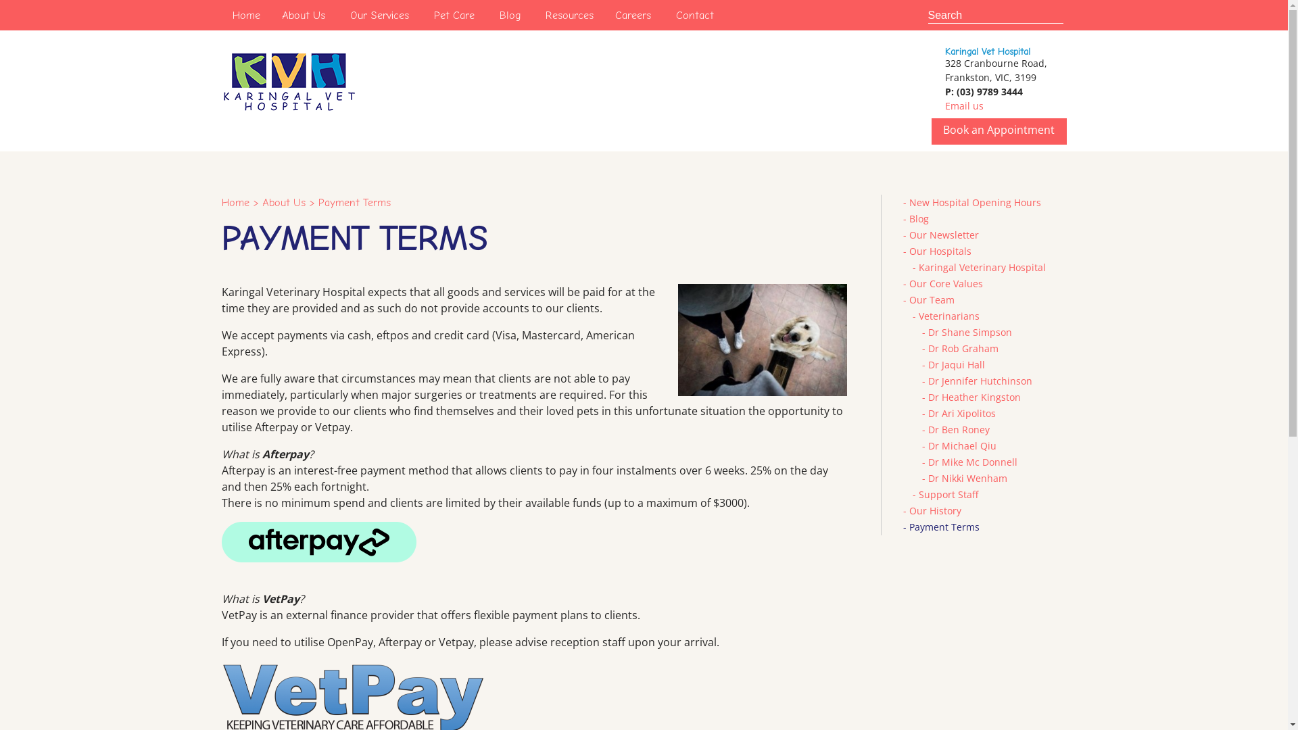  I want to click on 'Our History', so click(909, 510).